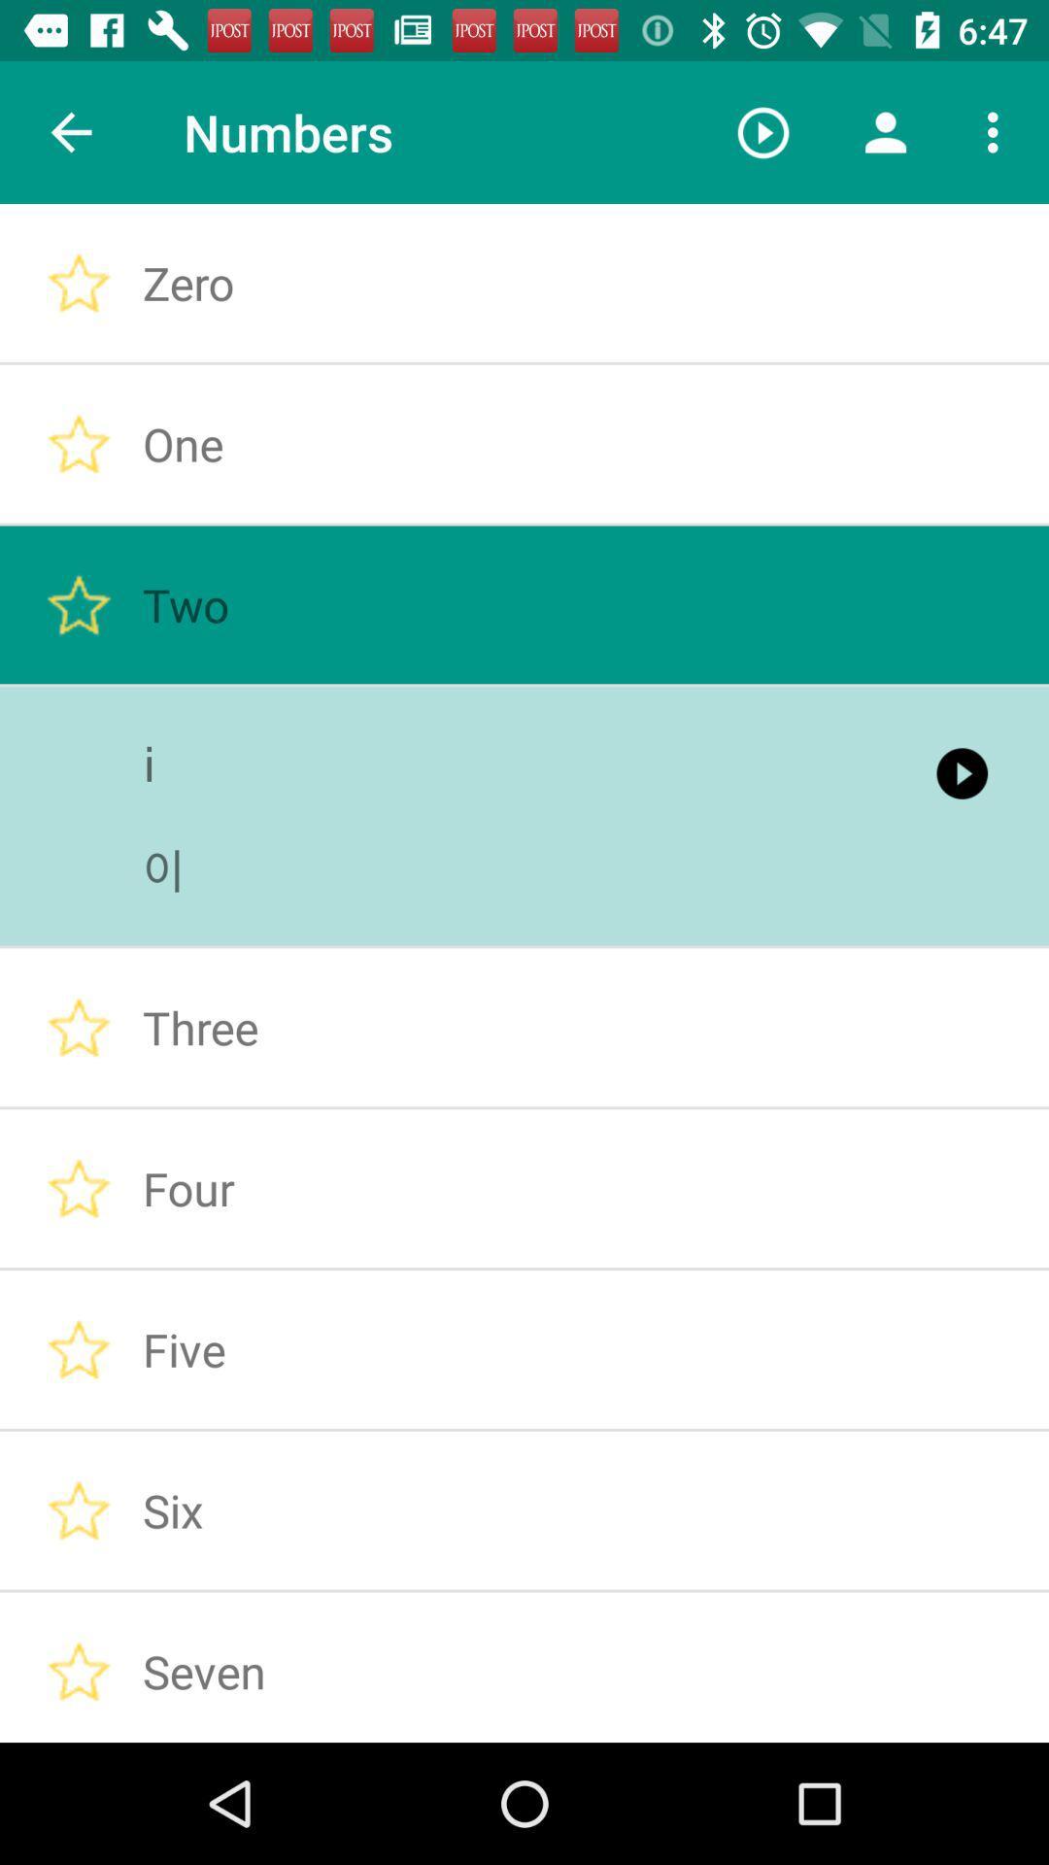 This screenshot has width=1049, height=1865. I want to click on item to the left of the numbers item, so click(70, 131).